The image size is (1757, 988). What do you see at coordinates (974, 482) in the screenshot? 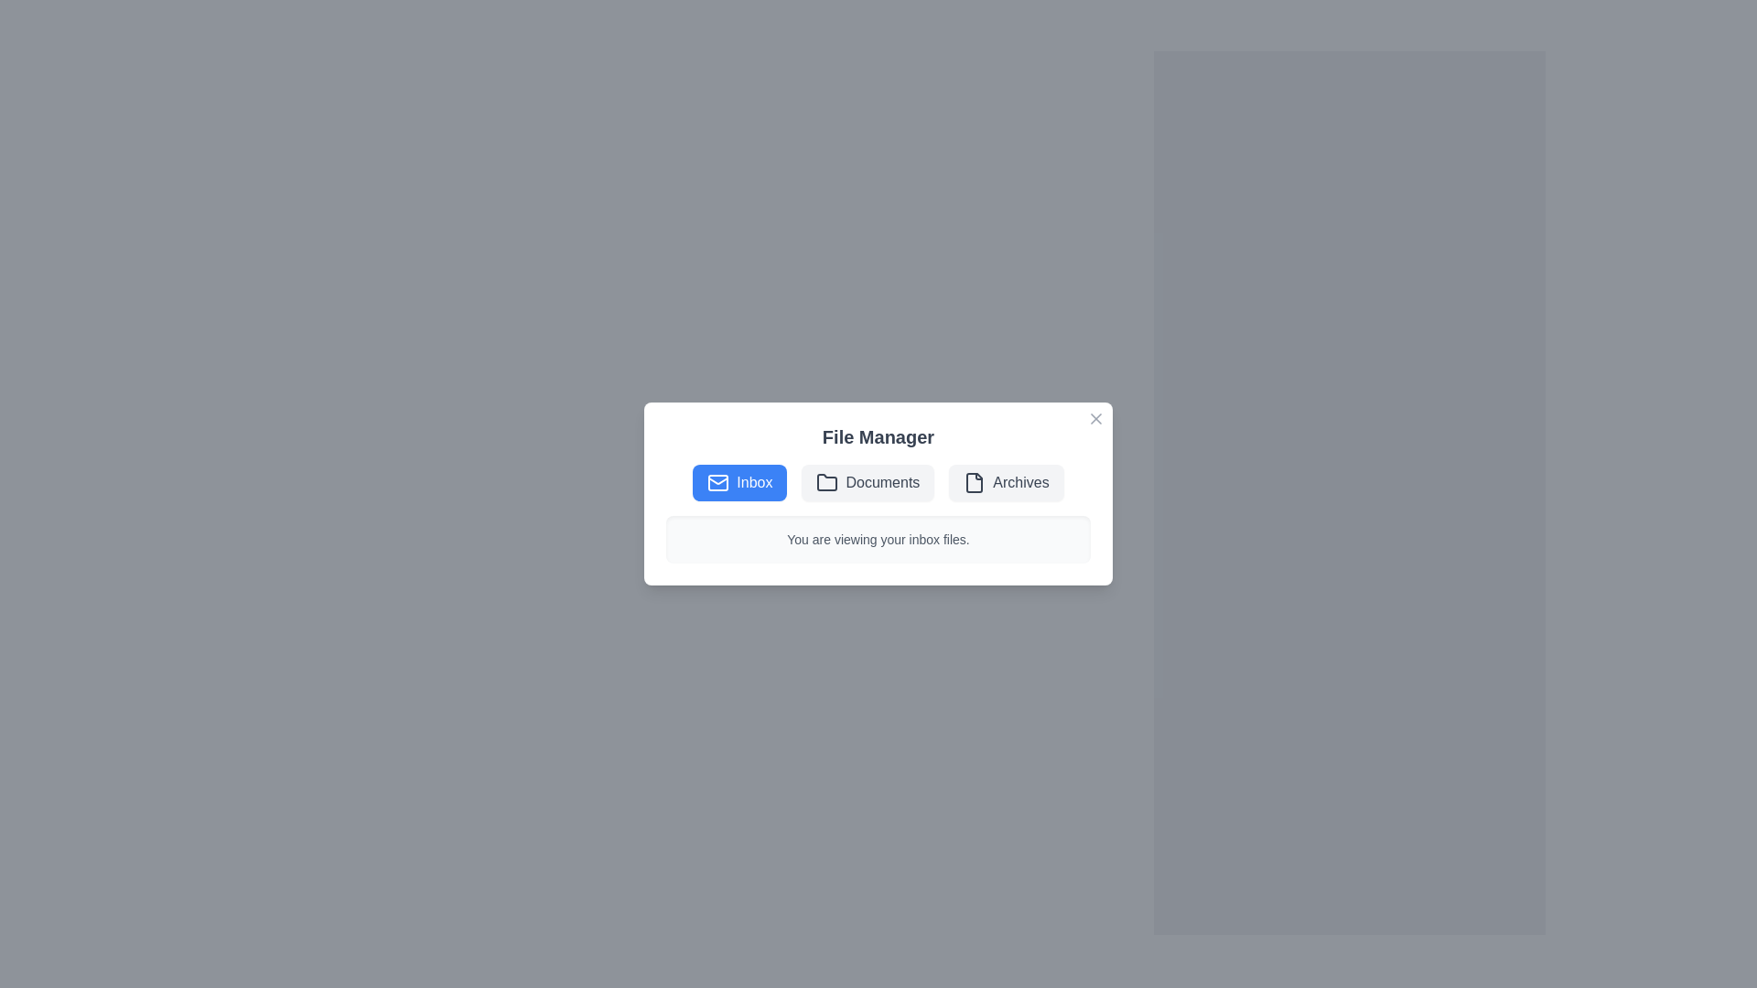
I see `the file icon within the 'Archives' button in the 'File Manager' modal to switch to the archives section` at bounding box center [974, 482].